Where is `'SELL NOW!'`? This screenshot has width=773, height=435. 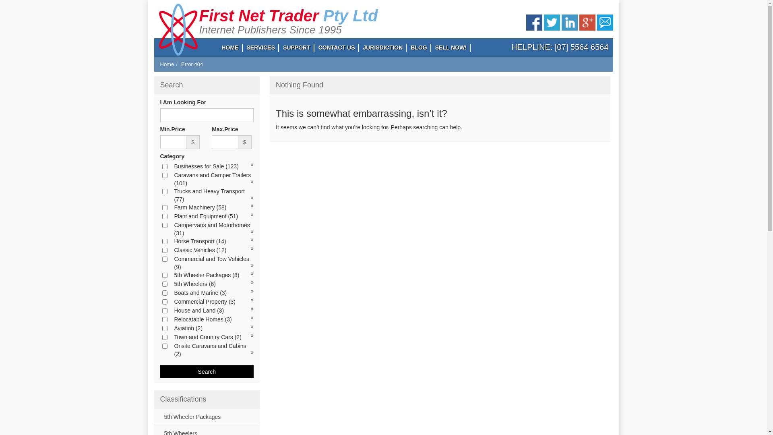 'SELL NOW!' is located at coordinates (450, 48).